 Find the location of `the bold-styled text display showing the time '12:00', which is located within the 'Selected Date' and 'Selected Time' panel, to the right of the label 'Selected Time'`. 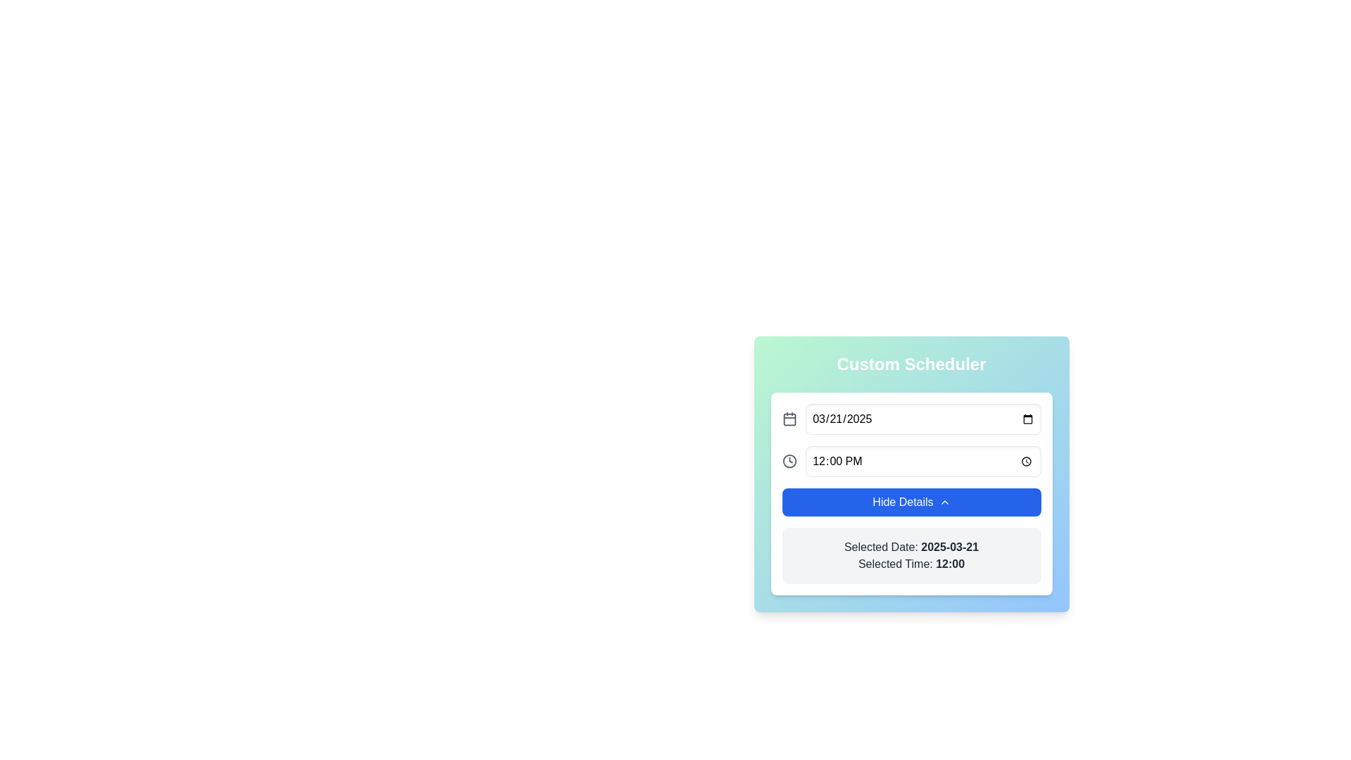

the bold-styled text display showing the time '12:00', which is located within the 'Selected Date' and 'Selected Time' panel, to the right of the label 'Selected Time' is located at coordinates (950, 563).